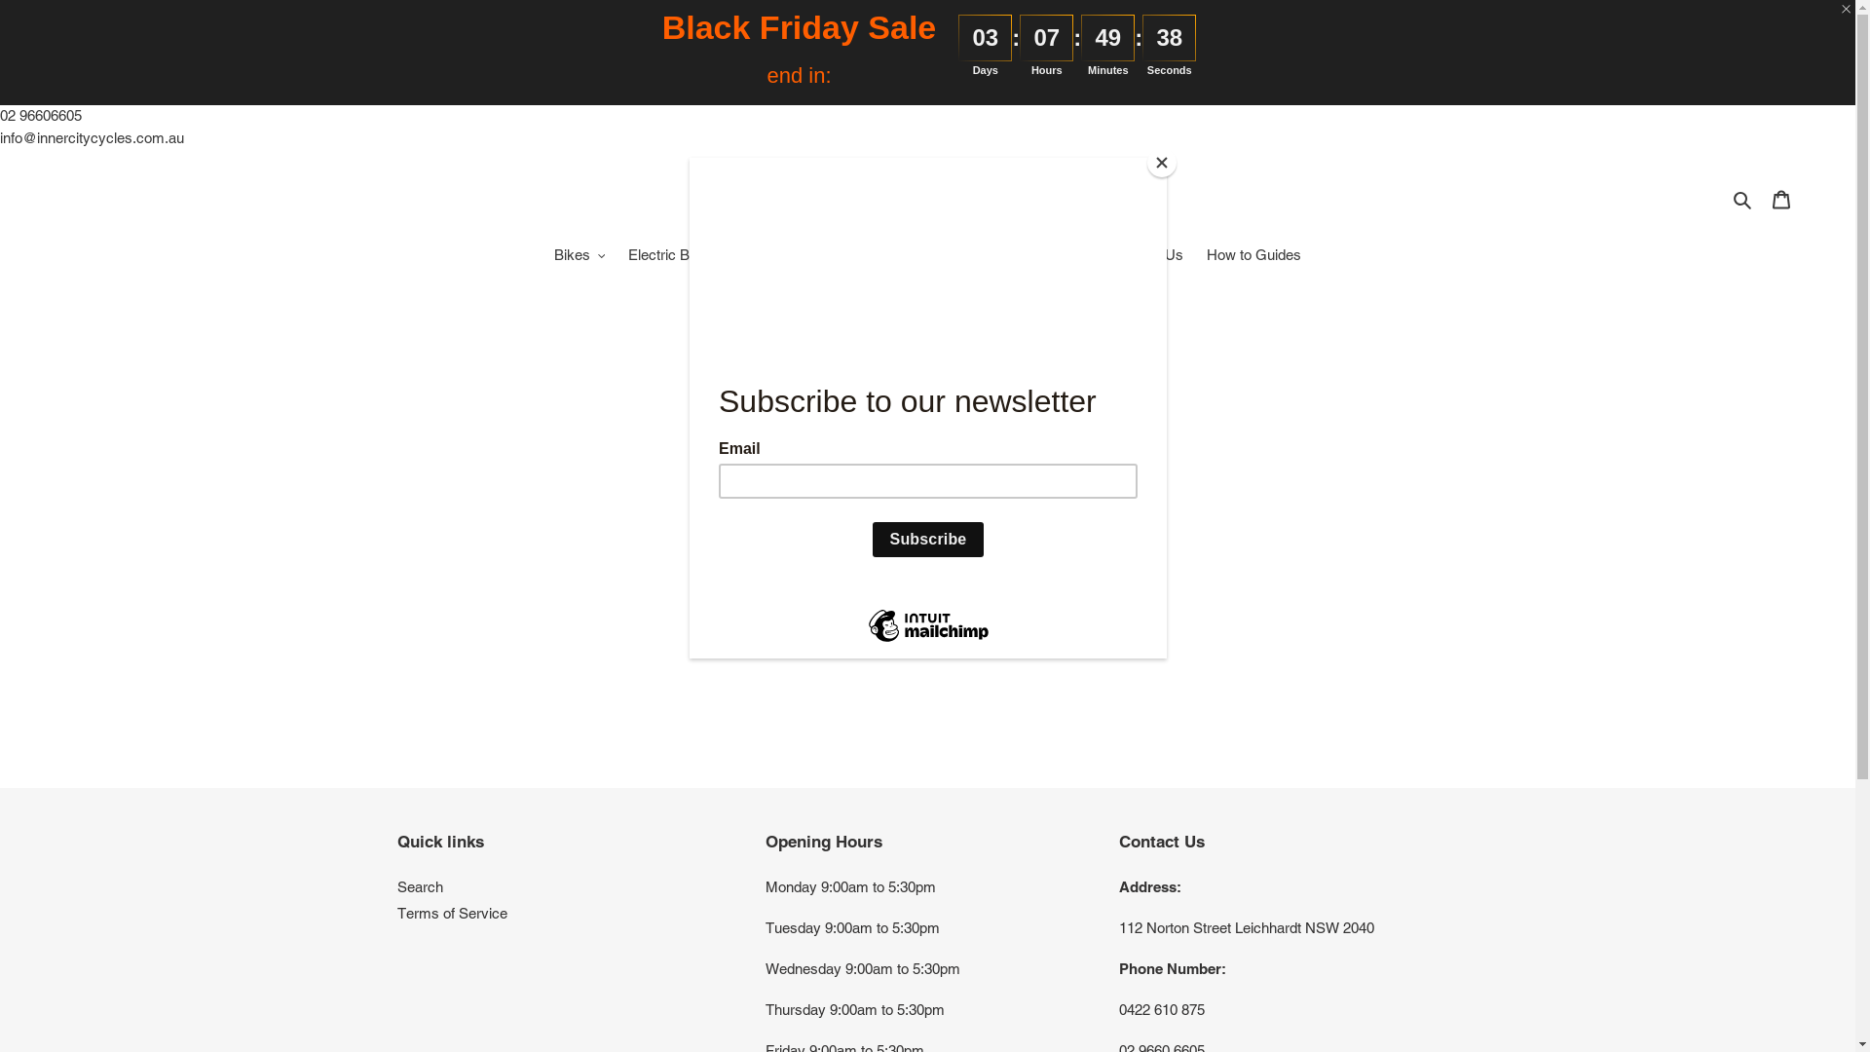 Image resolution: width=1870 pixels, height=1052 pixels. I want to click on 'How to Guides', so click(1253, 254).